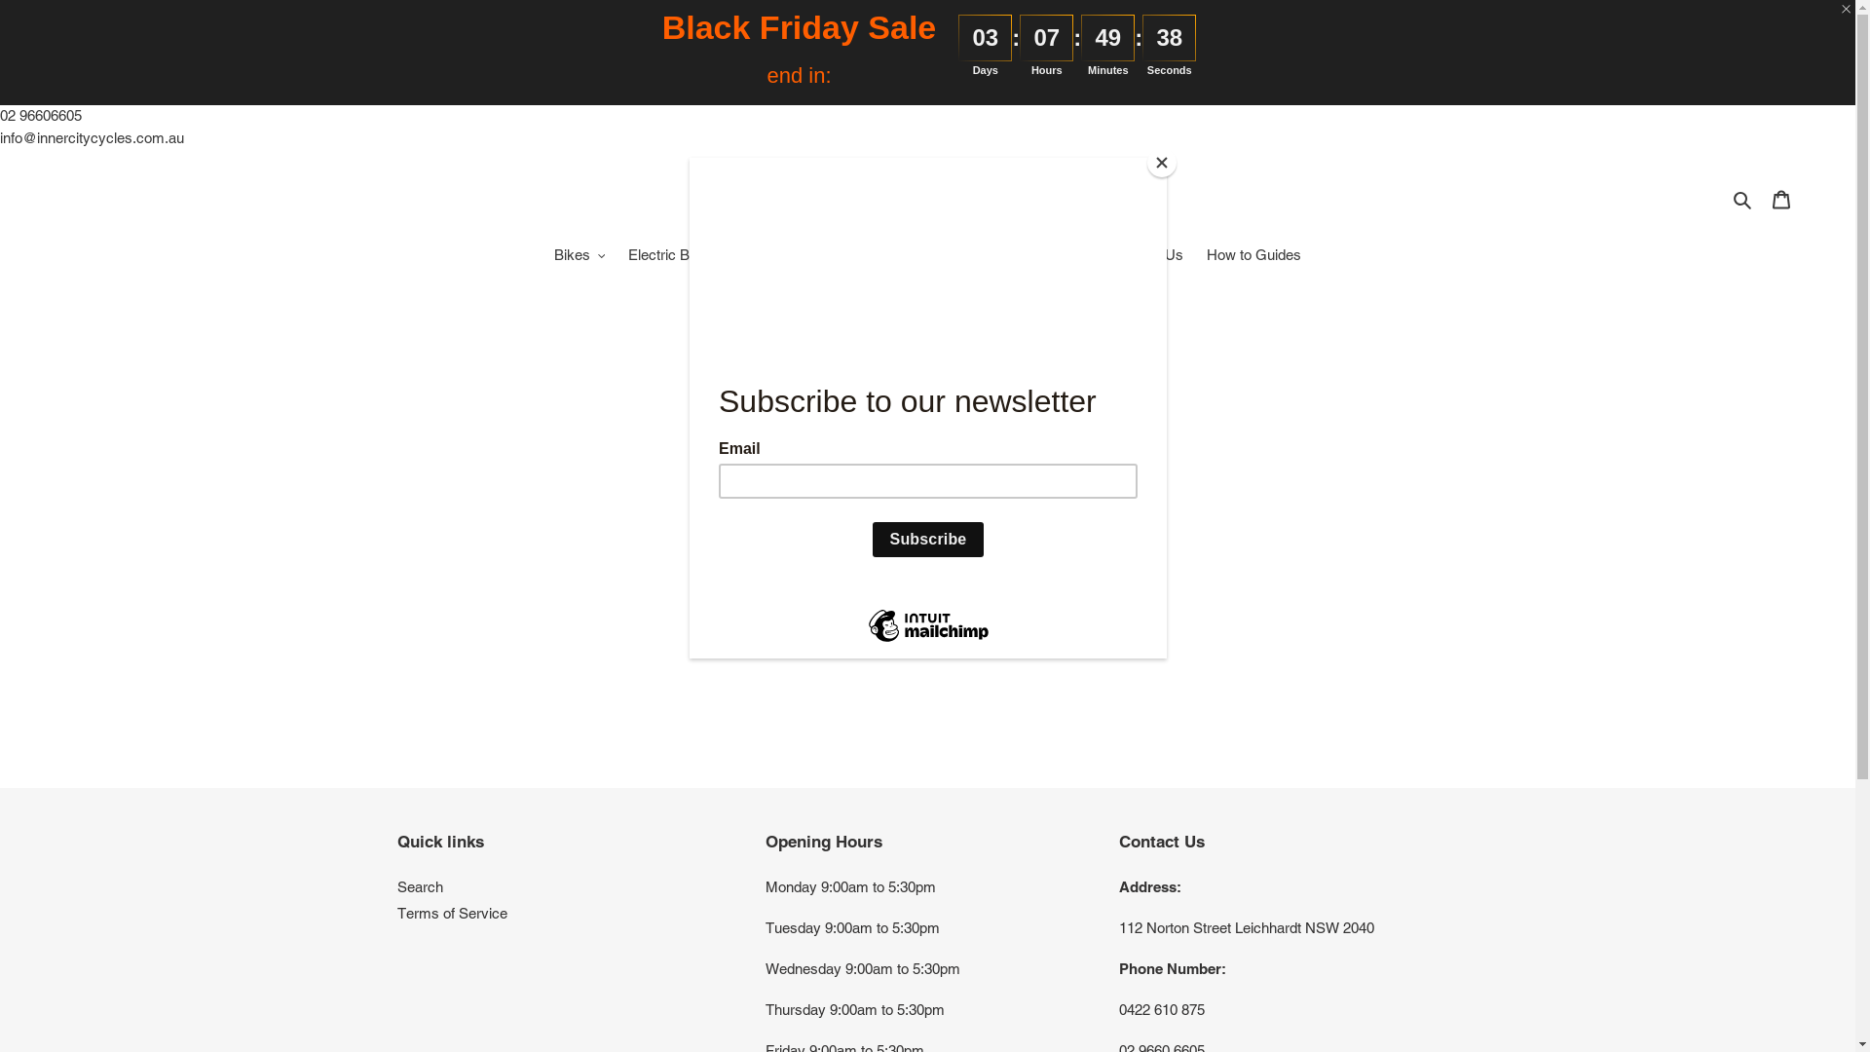 Image resolution: width=1870 pixels, height=1052 pixels. I want to click on 'How to Guides', so click(1253, 254).